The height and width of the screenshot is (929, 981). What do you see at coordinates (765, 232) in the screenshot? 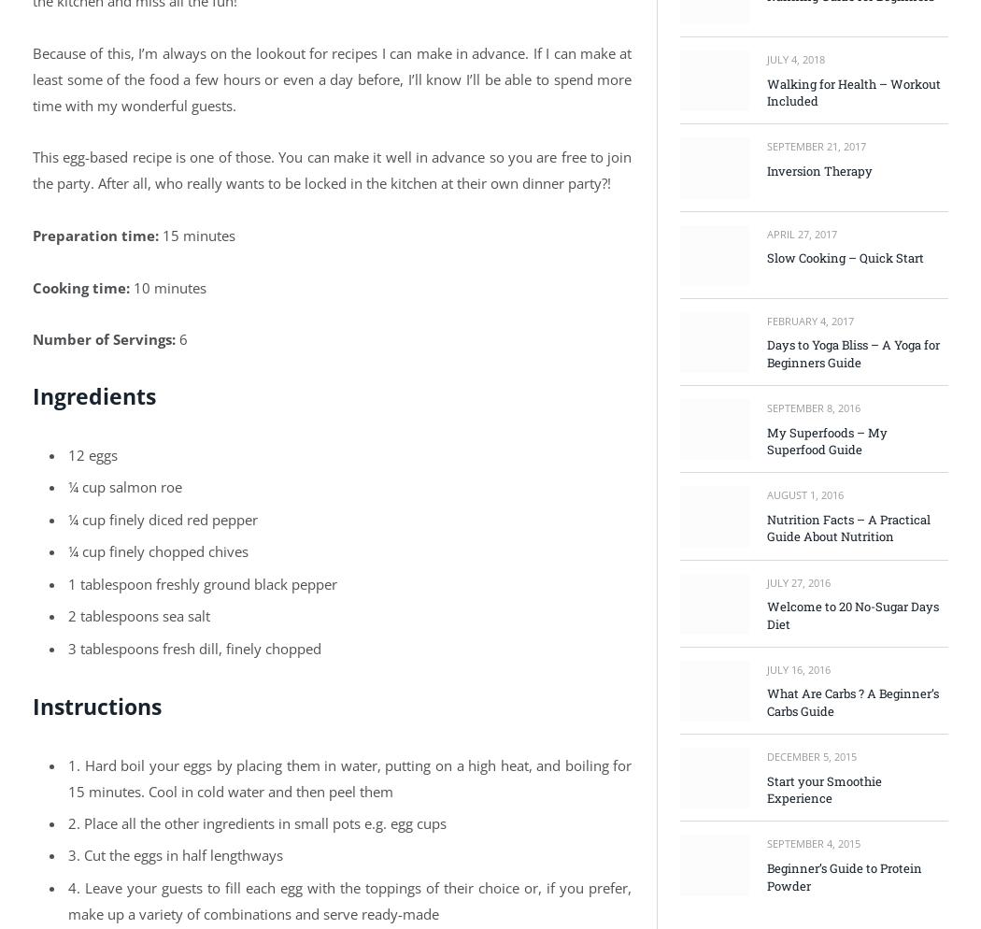
I see `'April 27, 2017'` at bounding box center [765, 232].